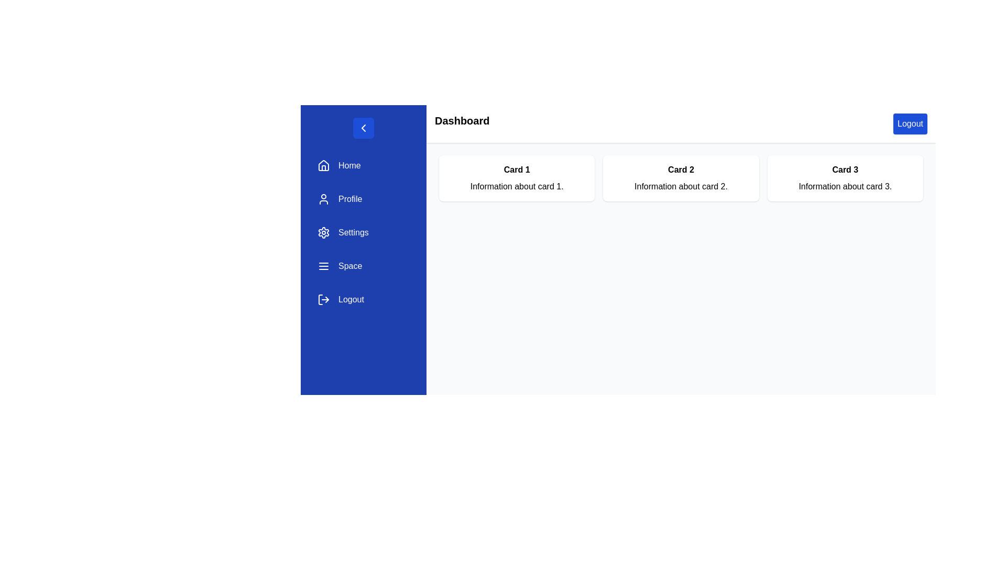  Describe the element at coordinates (364, 128) in the screenshot. I see `the toggle button located at the top-left corner of the sidebar` at that location.